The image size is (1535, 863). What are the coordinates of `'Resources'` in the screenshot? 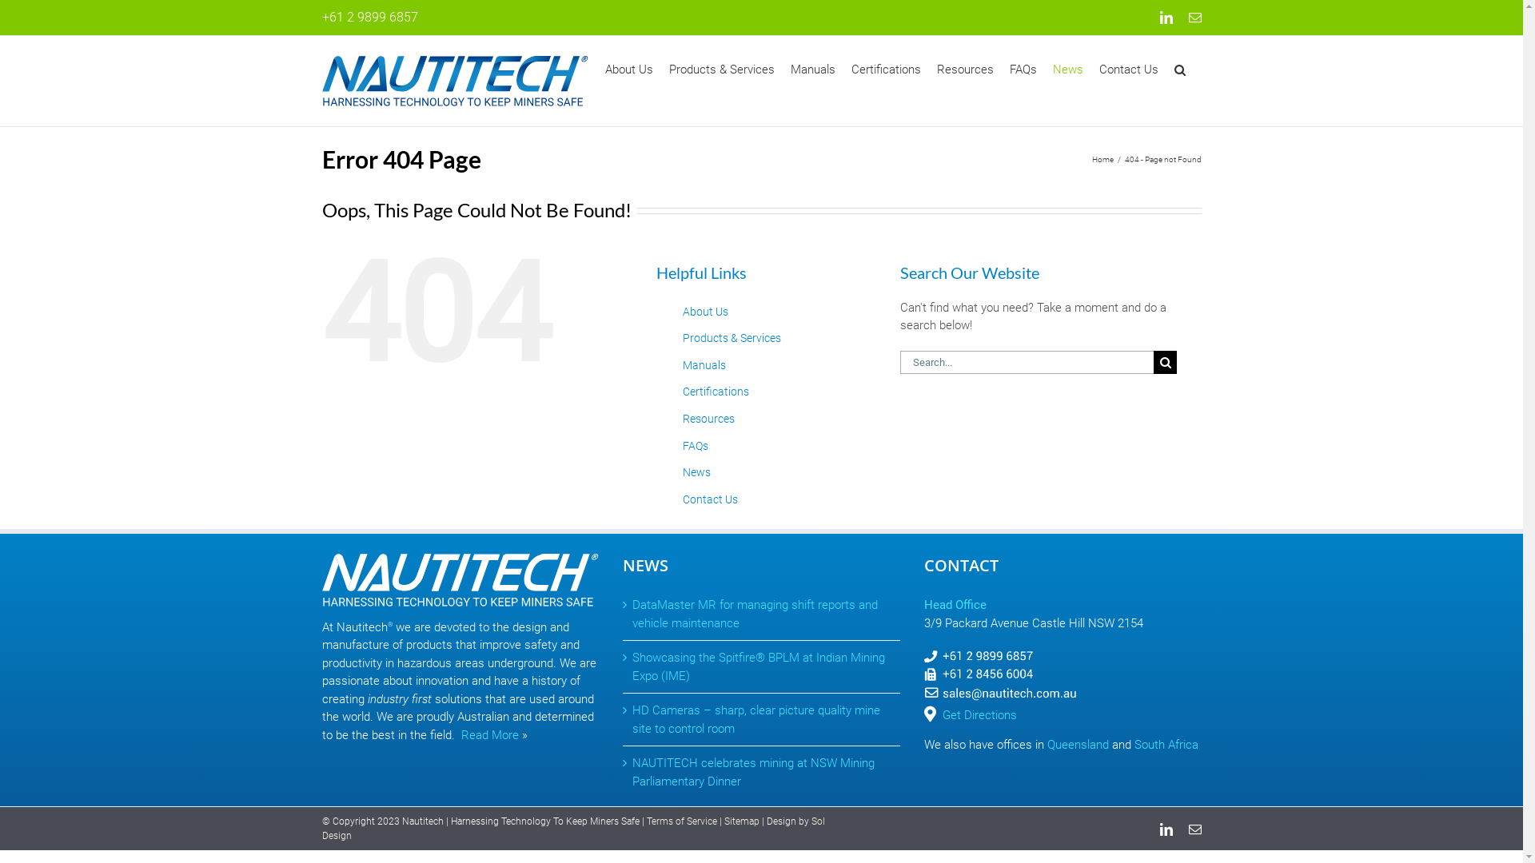 It's located at (964, 69).